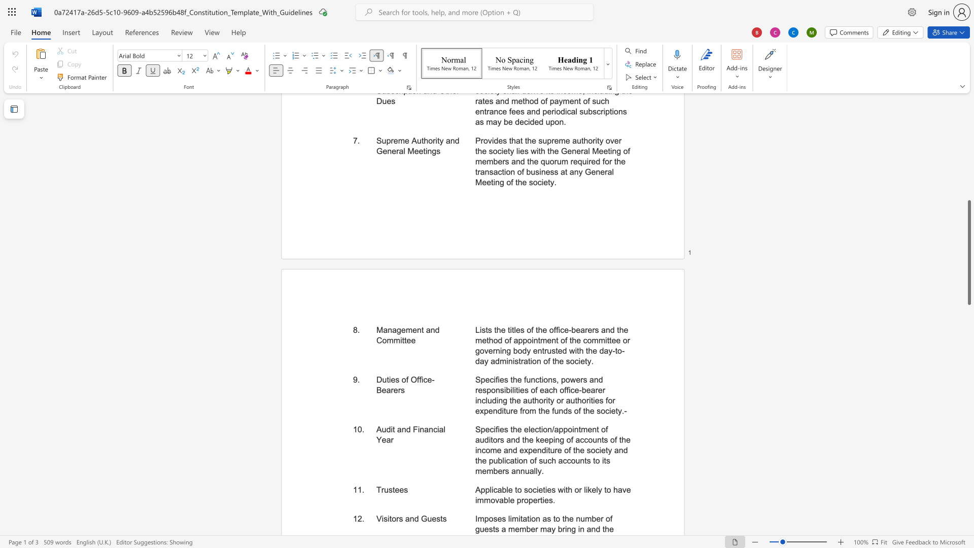 The width and height of the screenshot is (974, 548). Describe the element at coordinates (968, 162) in the screenshot. I see `the scrollbar to slide the page up` at that location.